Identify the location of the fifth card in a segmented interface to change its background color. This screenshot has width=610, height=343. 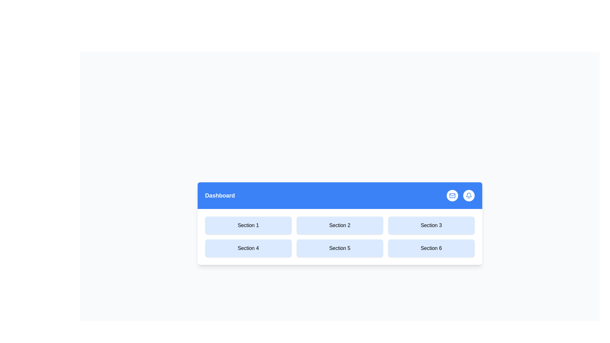
(339, 248).